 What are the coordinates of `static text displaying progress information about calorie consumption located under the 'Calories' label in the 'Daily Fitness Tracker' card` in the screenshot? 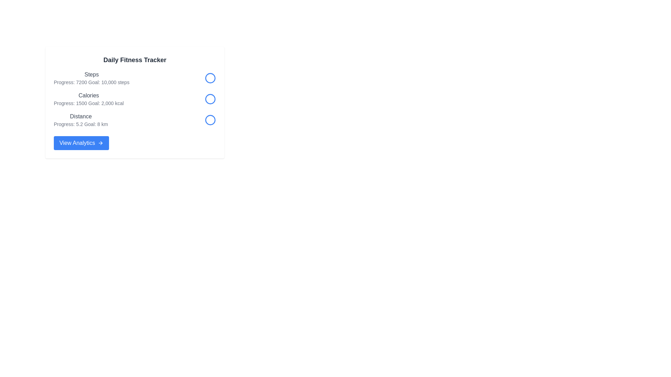 It's located at (88, 103).